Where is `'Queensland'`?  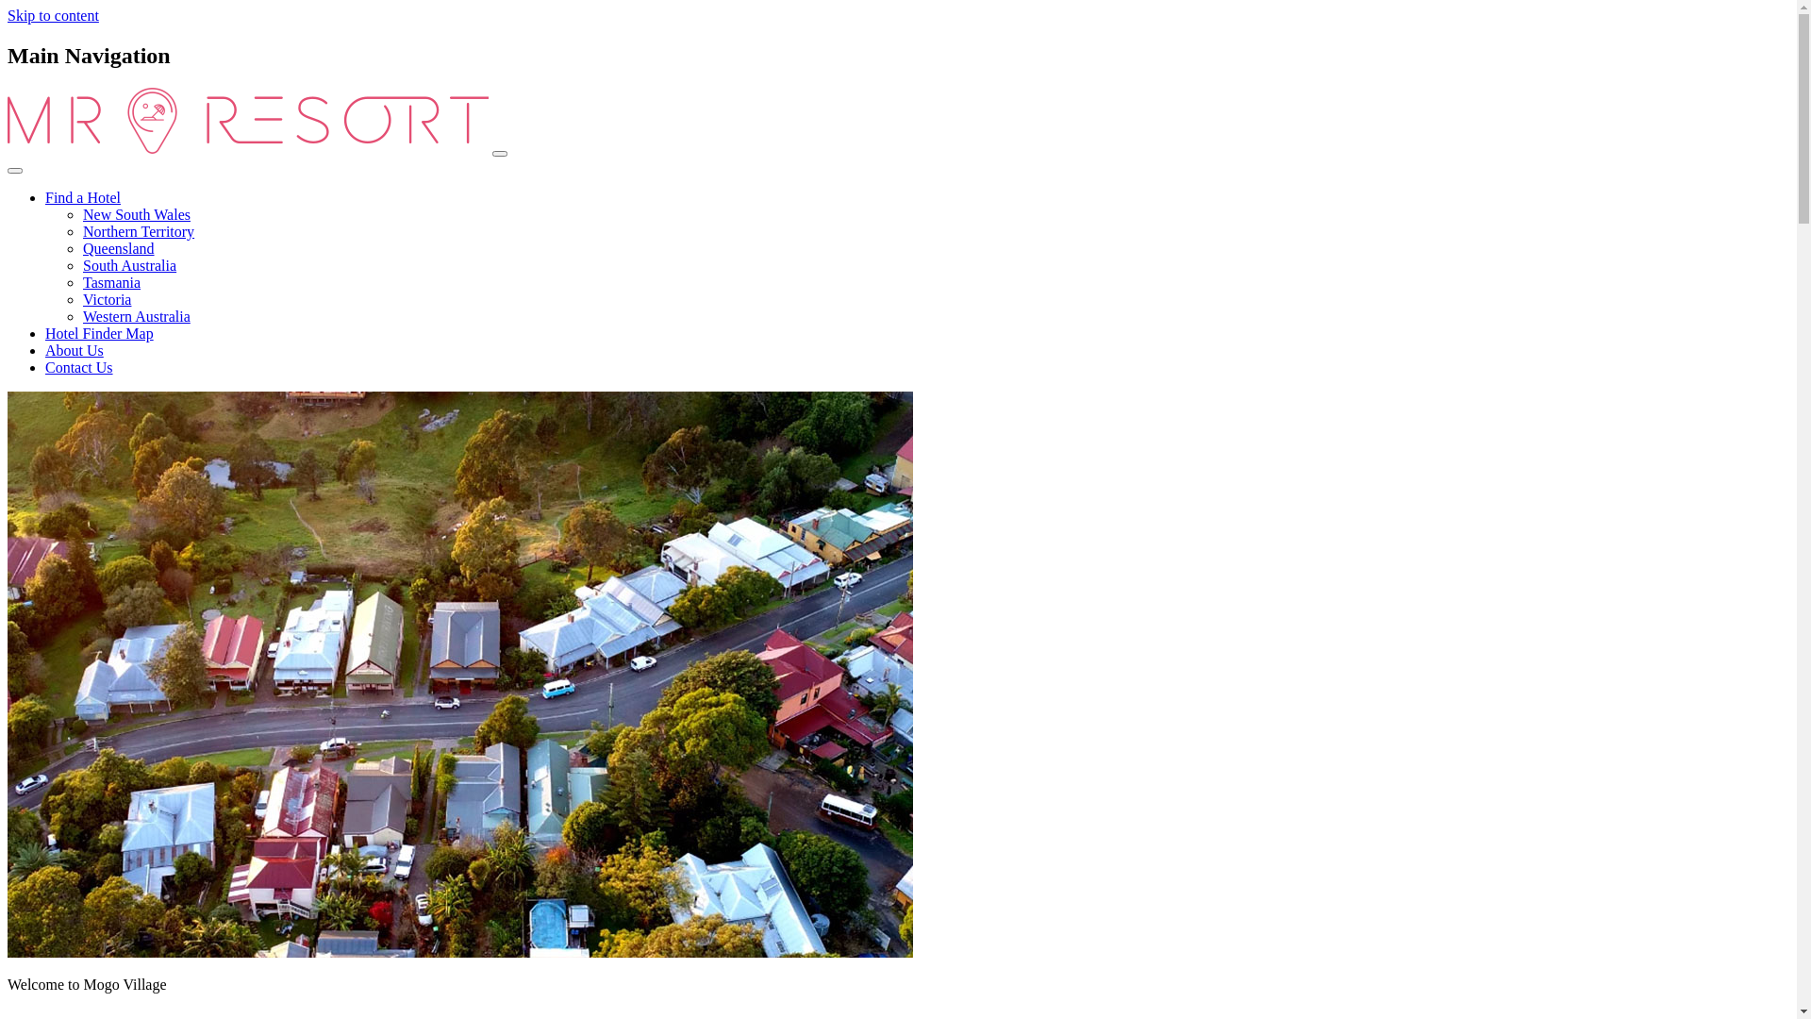
'Queensland' is located at coordinates (117, 247).